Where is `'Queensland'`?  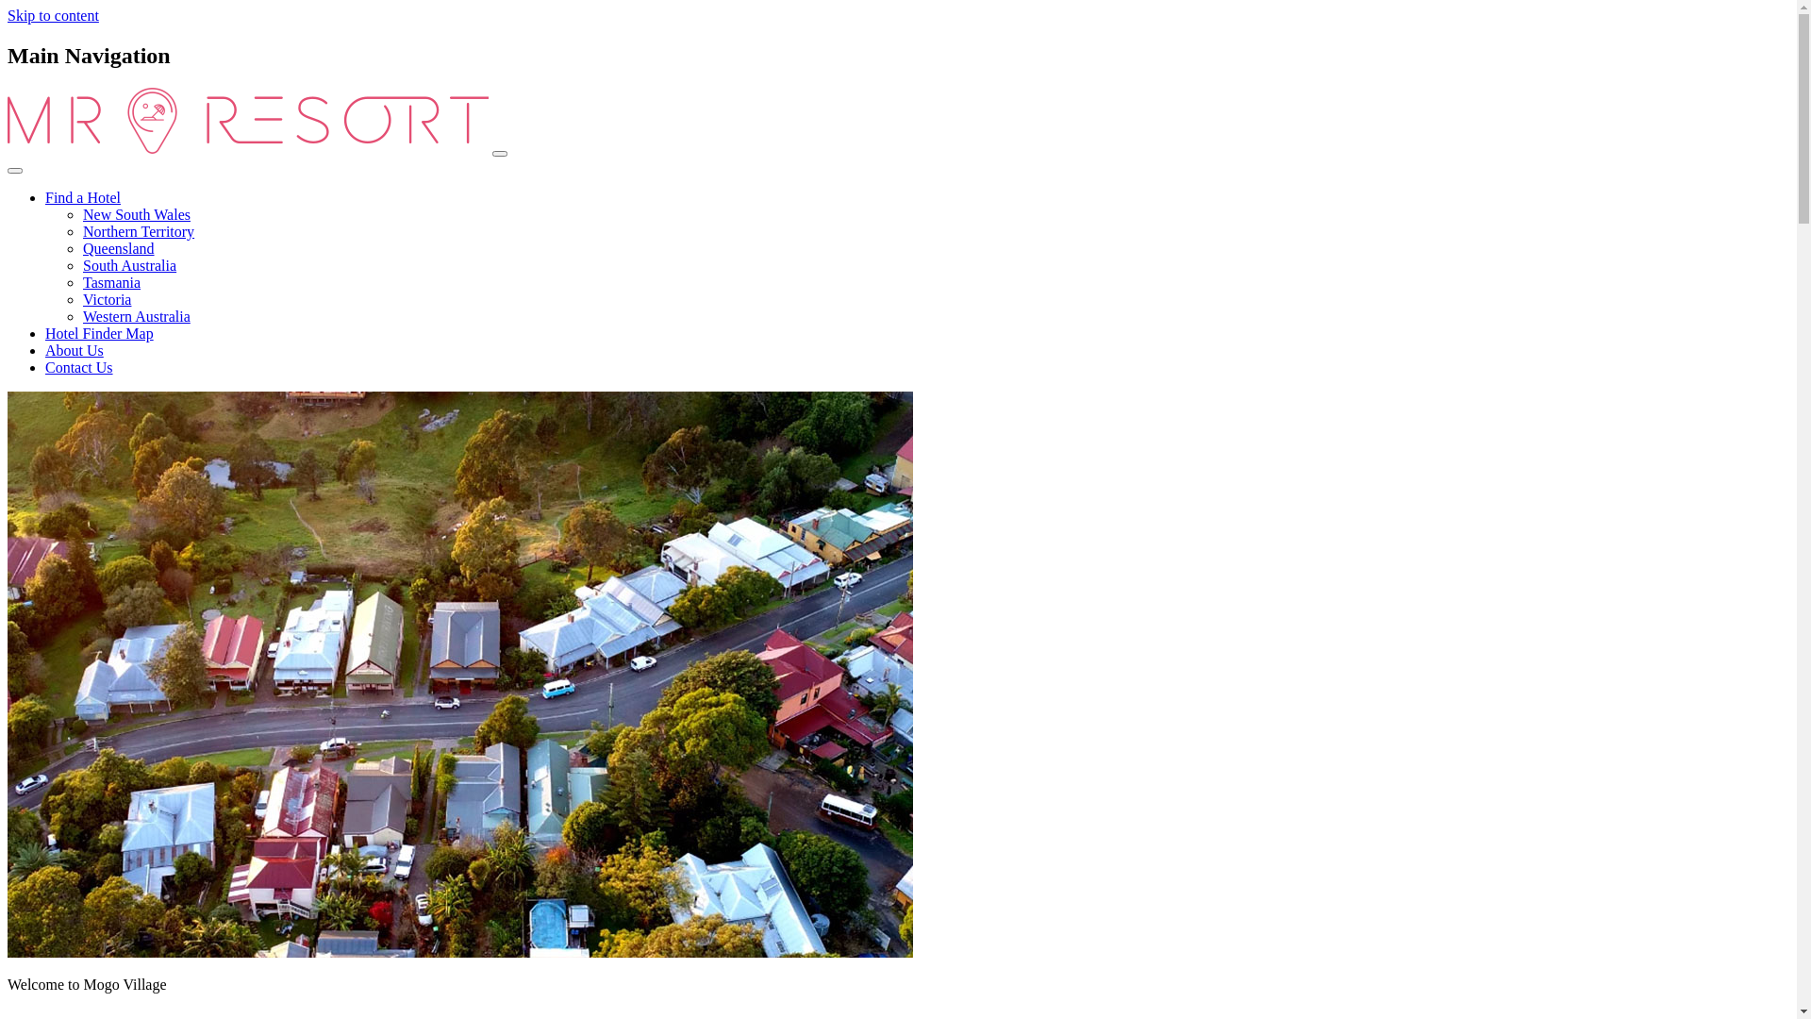
'Queensland' is located at coordinates (117, 247).